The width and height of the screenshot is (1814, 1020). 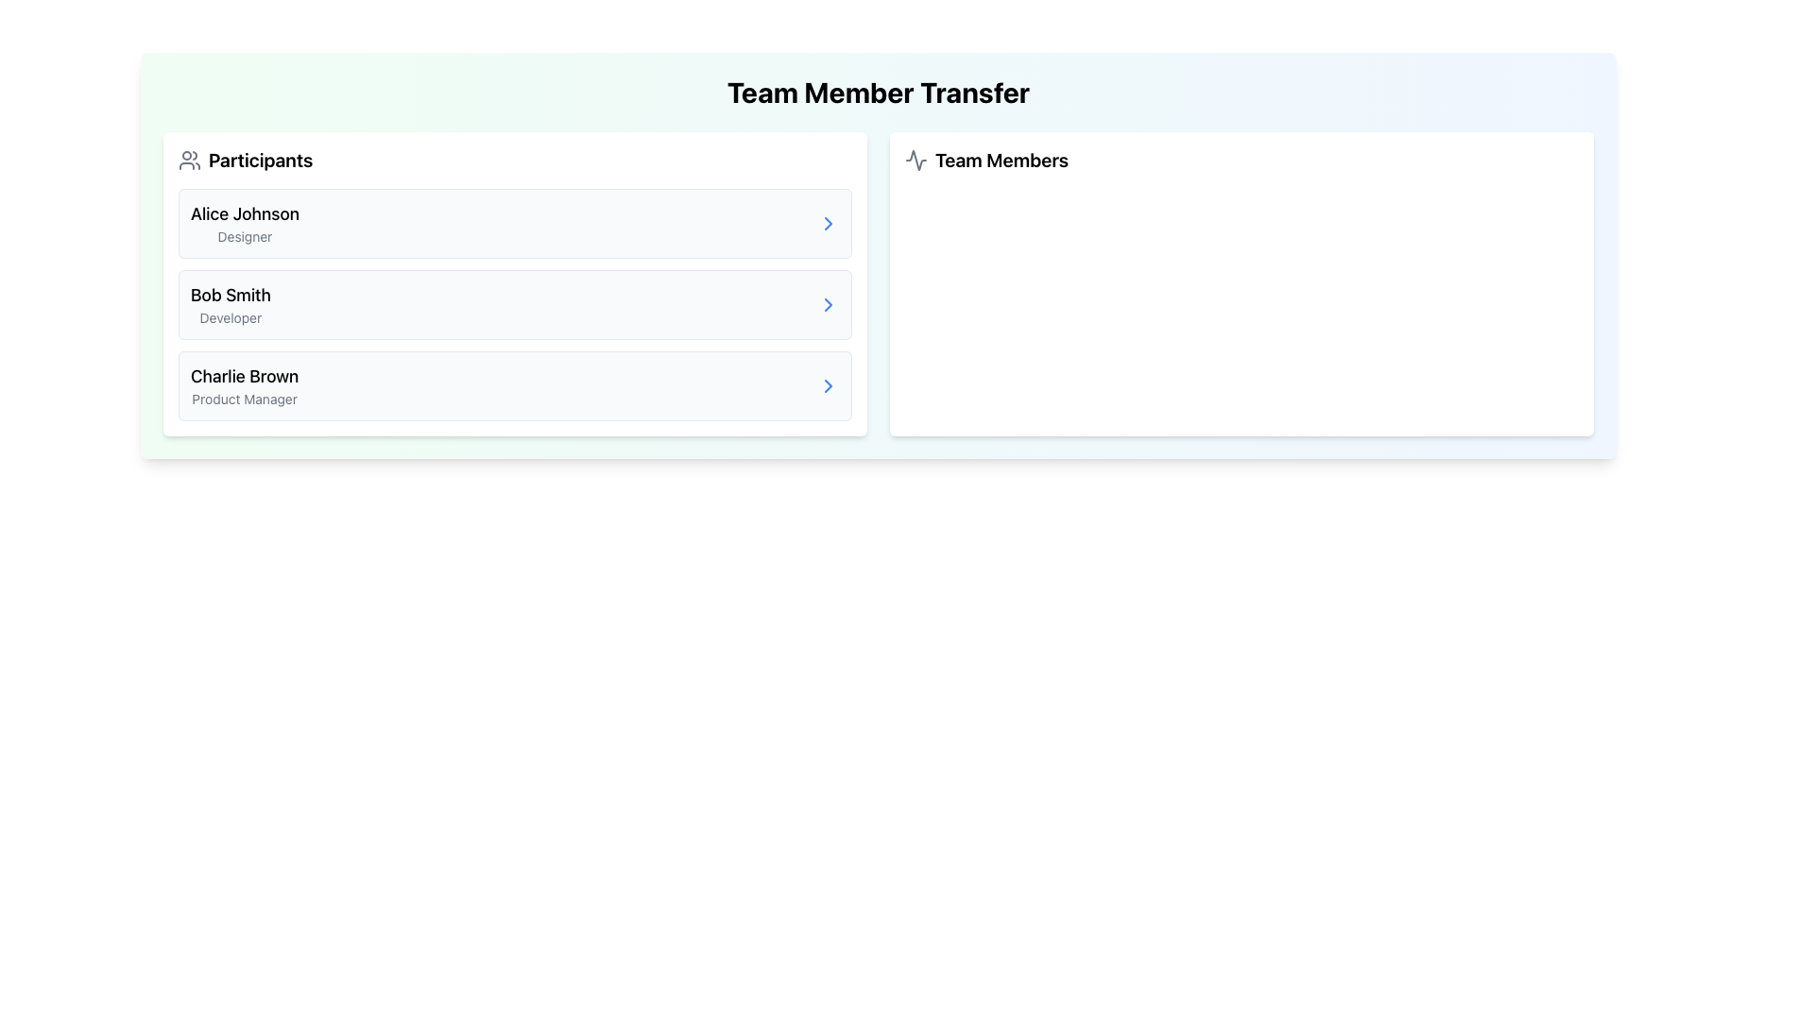 What do you see at coordinates (244, 376) in the screenshot?
I see `the text label 'Charlie Brown Product Manager', which is the upper text item within the participant list under the heading 'Participants'` at bounding box center [244, 376].